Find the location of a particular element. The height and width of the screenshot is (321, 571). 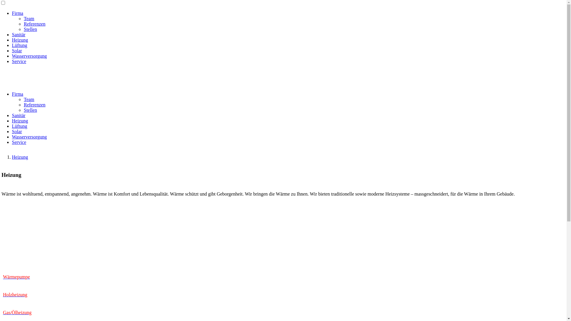

'Wasserversorgung' is located at coordinates (29, 56).